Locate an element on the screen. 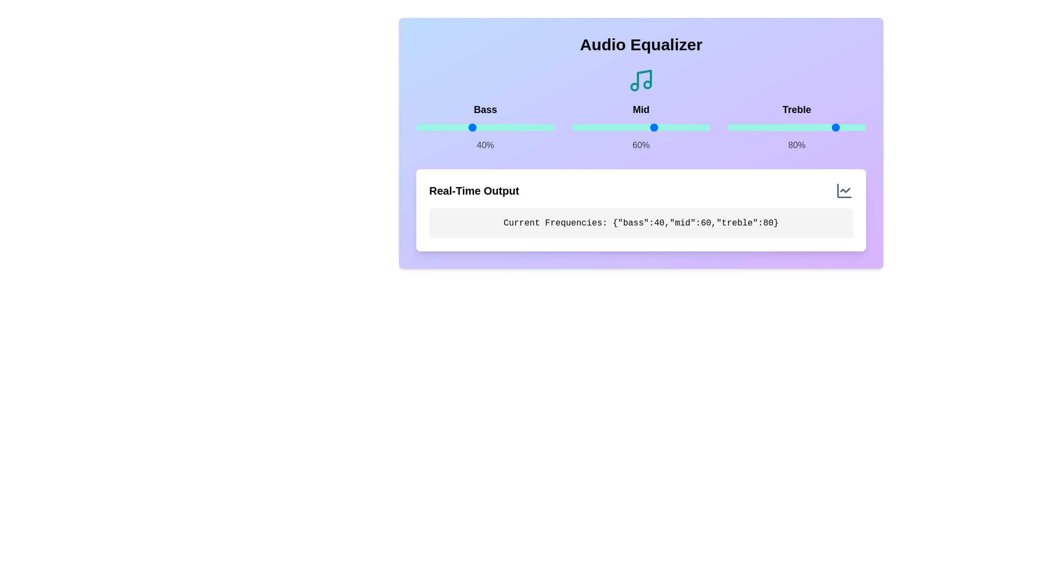 Image resolution: width=1038 pixels, height=584 pixels. the 'Mid' frequency level is located at coordinates (626, 127).